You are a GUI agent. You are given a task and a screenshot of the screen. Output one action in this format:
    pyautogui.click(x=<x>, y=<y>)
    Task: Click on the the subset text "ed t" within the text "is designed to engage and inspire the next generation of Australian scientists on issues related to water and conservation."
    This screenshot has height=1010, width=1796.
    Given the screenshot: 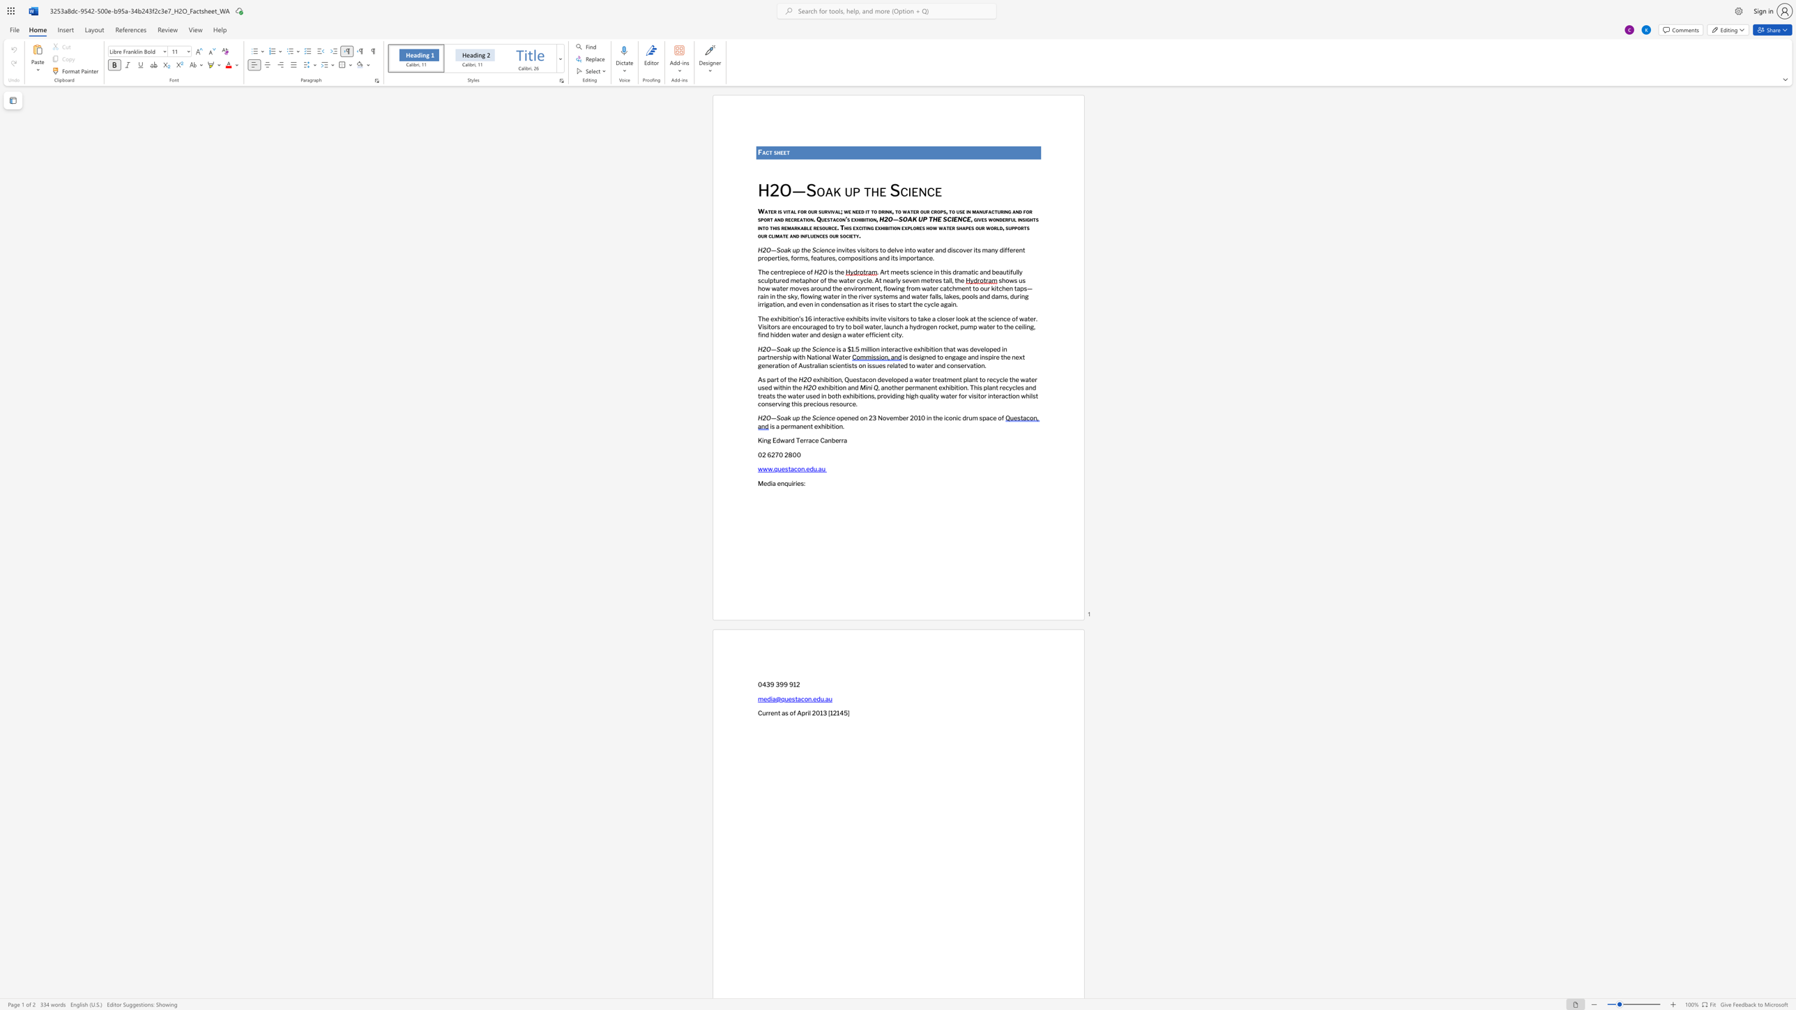 What is the action you would take?
    pyautogui.click(x=900, y=365)
    